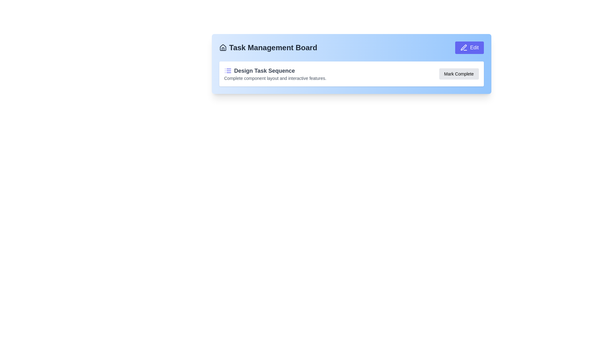  What do you see at coordinates (469, 47) in the screenshot?
I see `the 'Edit' button with a blue background and round corners located at the top-right corner of the 'Task Management Board' header` at bounding box center [469, 47].